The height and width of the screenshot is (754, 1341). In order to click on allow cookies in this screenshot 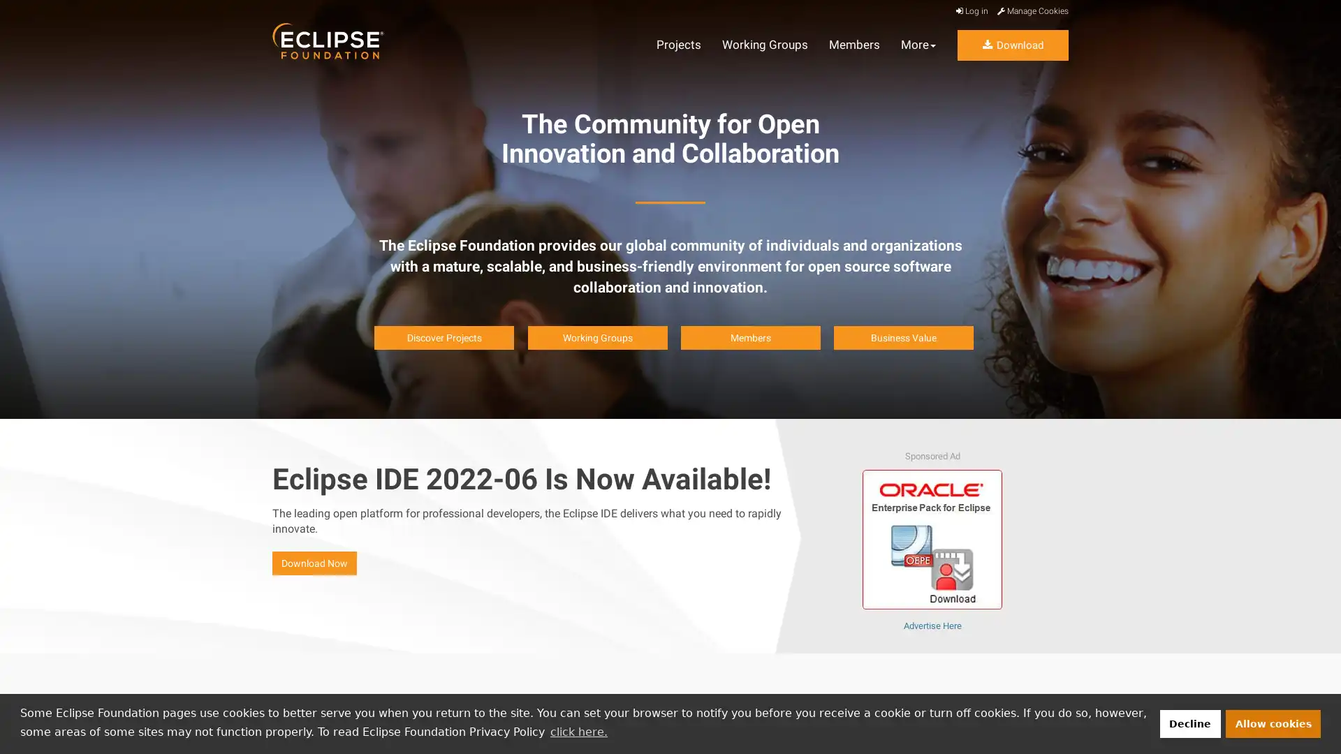, I will do `click(1273, 723)`.